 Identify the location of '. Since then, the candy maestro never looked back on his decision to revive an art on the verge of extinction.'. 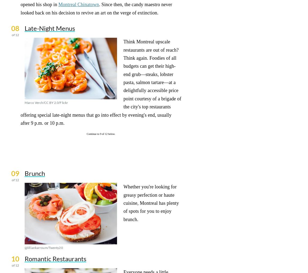
(96, 8).